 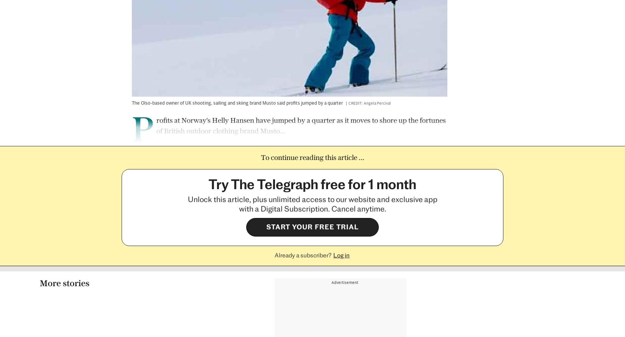 What do you see at coordinates (76, 259) in the screenshot?
I see `'Alex cartoons, November 2023'` at bounding box center [76, 259].